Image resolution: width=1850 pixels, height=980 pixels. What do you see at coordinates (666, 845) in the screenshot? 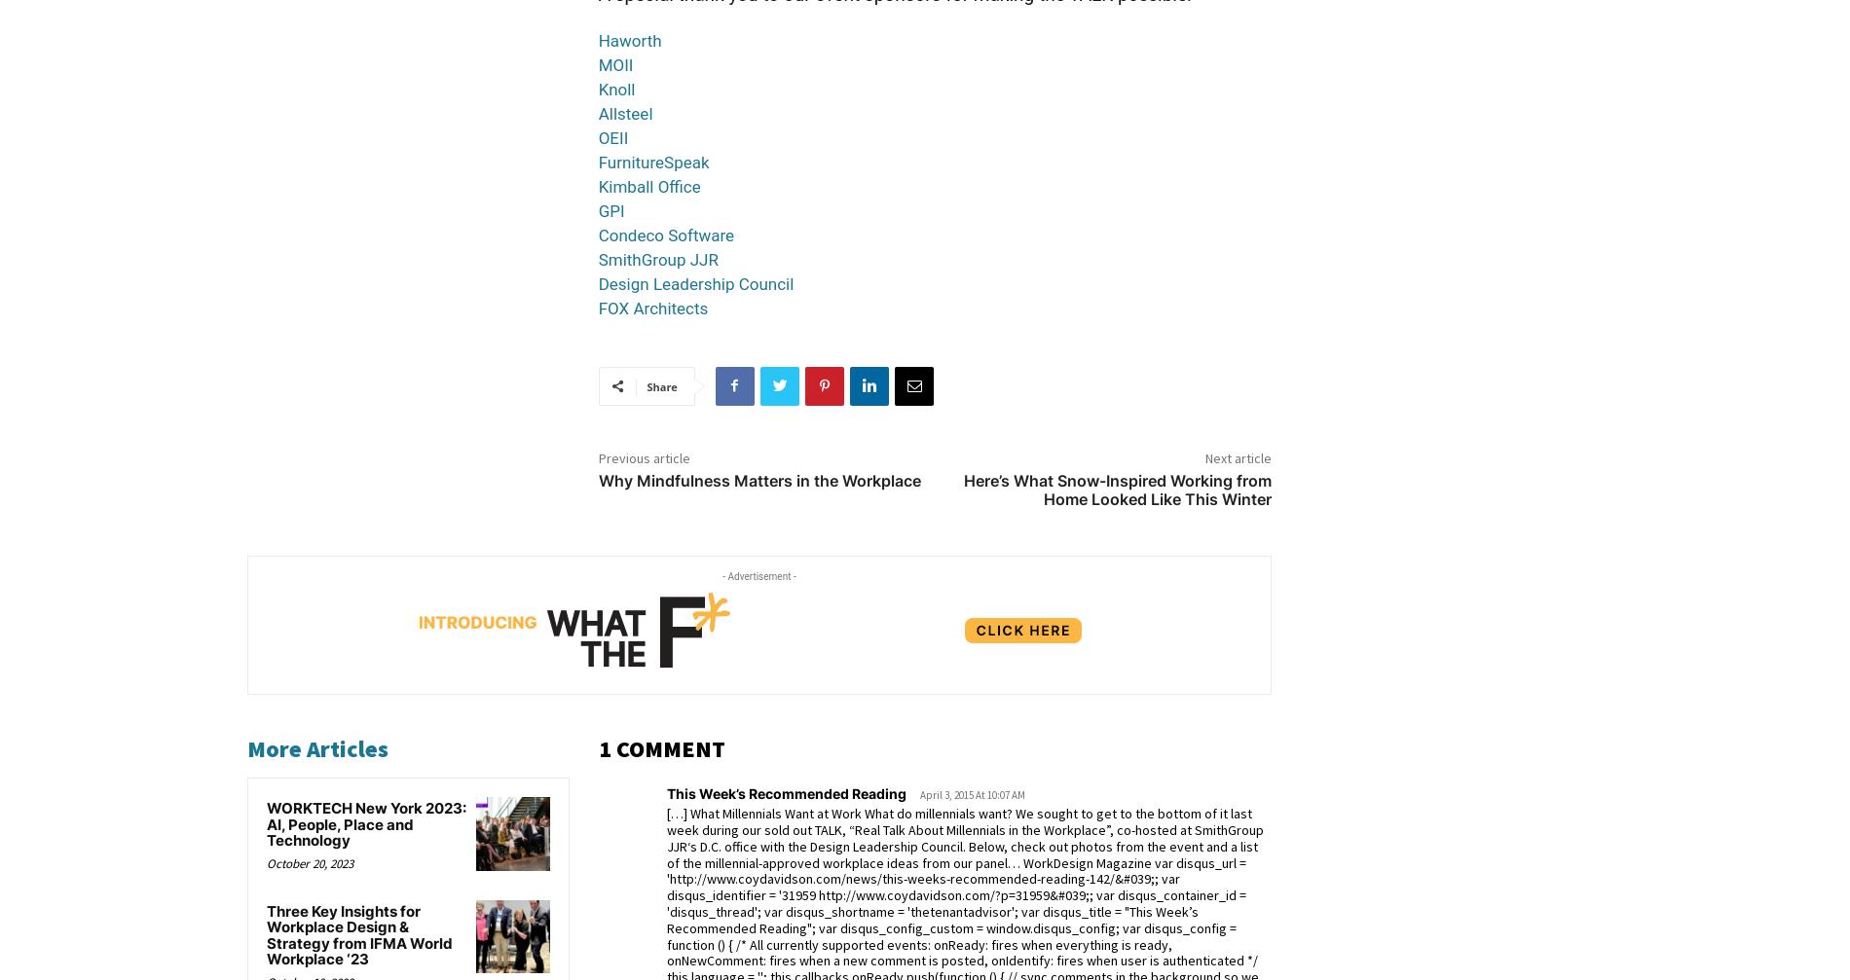
I see `'[…] What Millennials Want at Work What do millennials want? We sought to get to the bottom of it last week during our sold out TALK, “Real Talk About Millennials in the Workplace”, co-hosted at SmithGroup JJR‘s D.C. office with the Design Leadership Council. Below, check out photos from the event and a list of the millennial-approved workplace ideas from our panel… WorkDesign Magazine                     var disqus_url = ''` at bounding box center [666, 845].